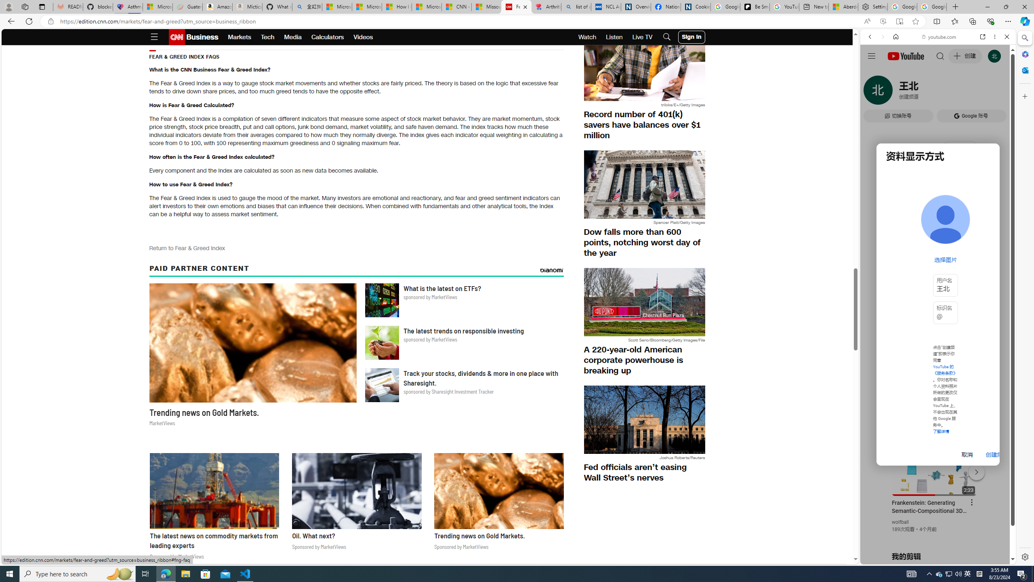 The width and height of the screenshot is (1034, 582). Describe the element at coordinates (363, 37) in the screenshot. I see `'Videos'` at that location.